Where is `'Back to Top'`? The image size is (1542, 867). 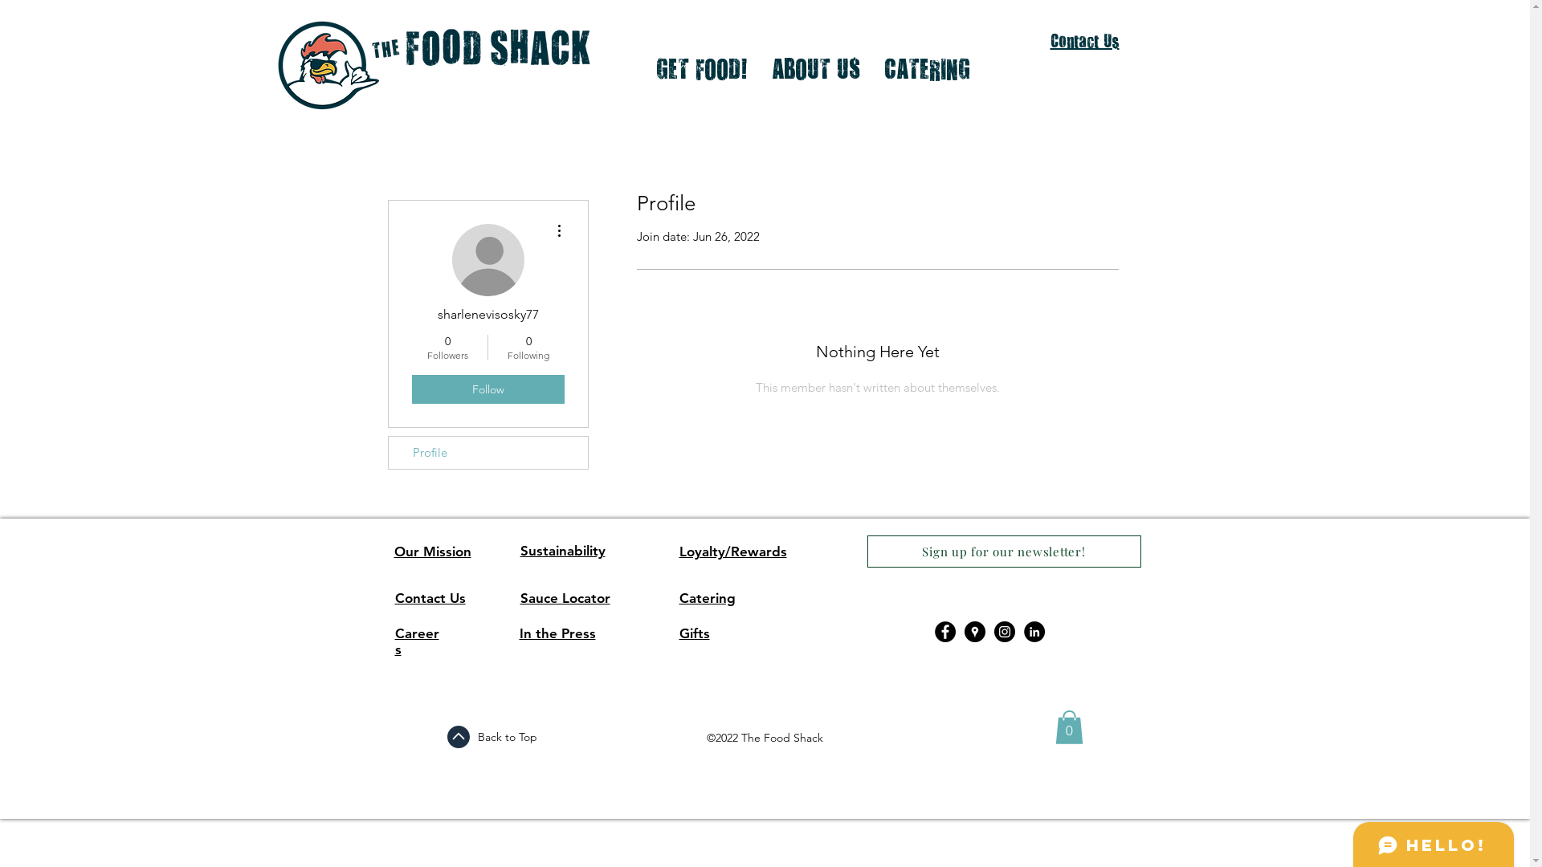 'Back to Top' is located at coordinates (505, 737).